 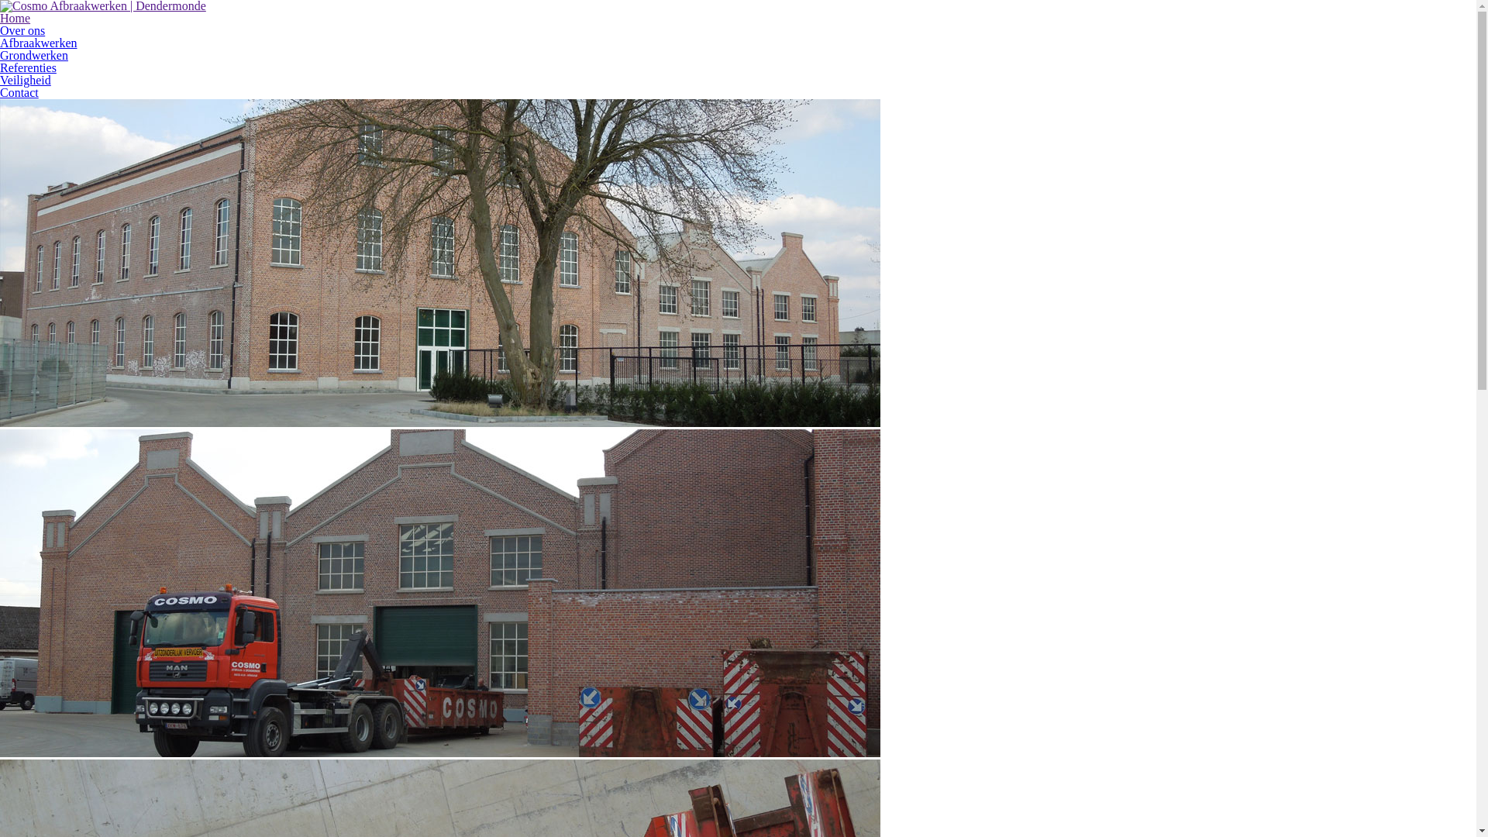 What do you see at coordinates (0, 30) in the screenshot?
I see `'Over ons'` at bounding box center [0, 30].